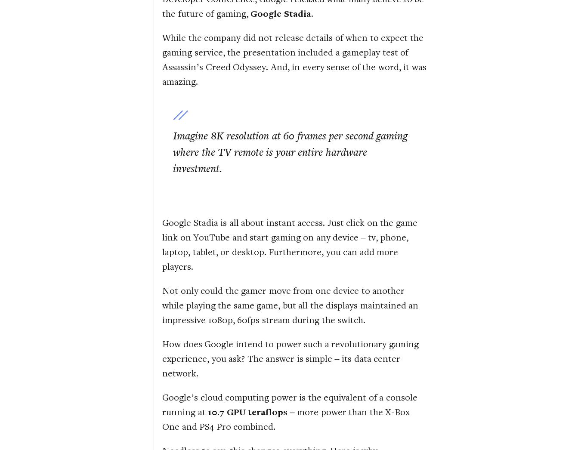 The image size is (581, 450). I want to click on 'How does Google intend to power such a revolutionary gaming experience, you ask? The answer is simple – its data center network.', so click(162, 358).